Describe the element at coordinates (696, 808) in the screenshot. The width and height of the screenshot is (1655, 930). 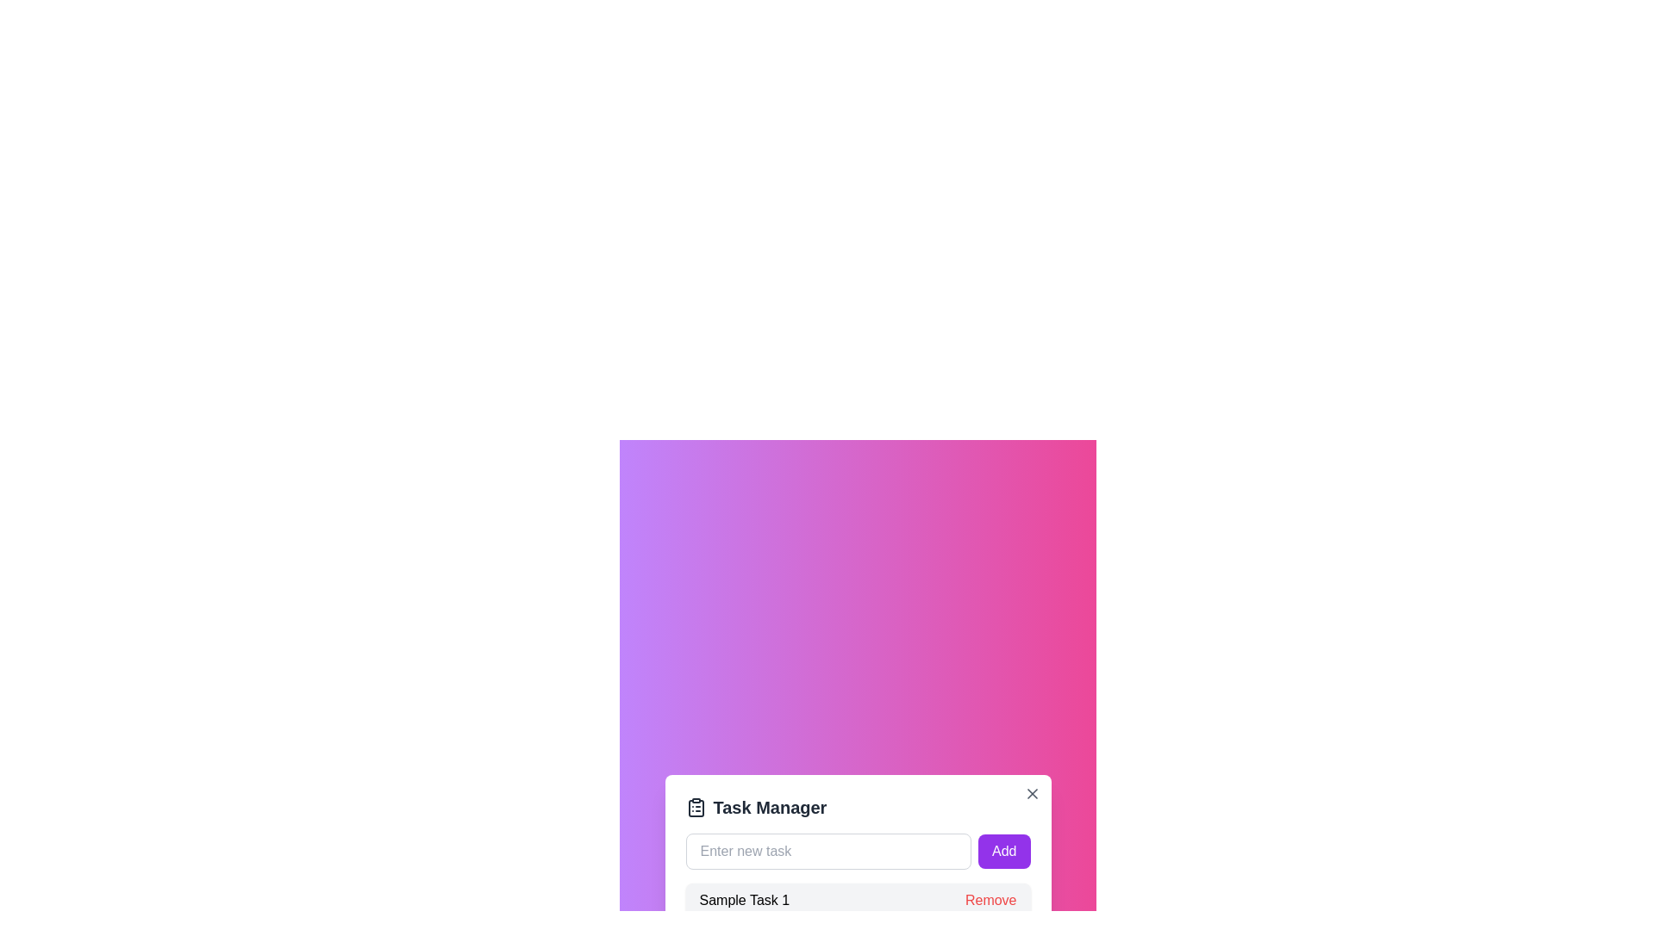
I see `the clipboard icon represented as a rectangular shape with rounded corners located in the top-left corner of the 'Task Manager' modal dialog` at that location.